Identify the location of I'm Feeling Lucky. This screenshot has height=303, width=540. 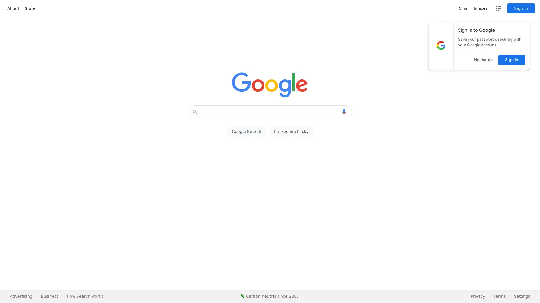
(291, 132).